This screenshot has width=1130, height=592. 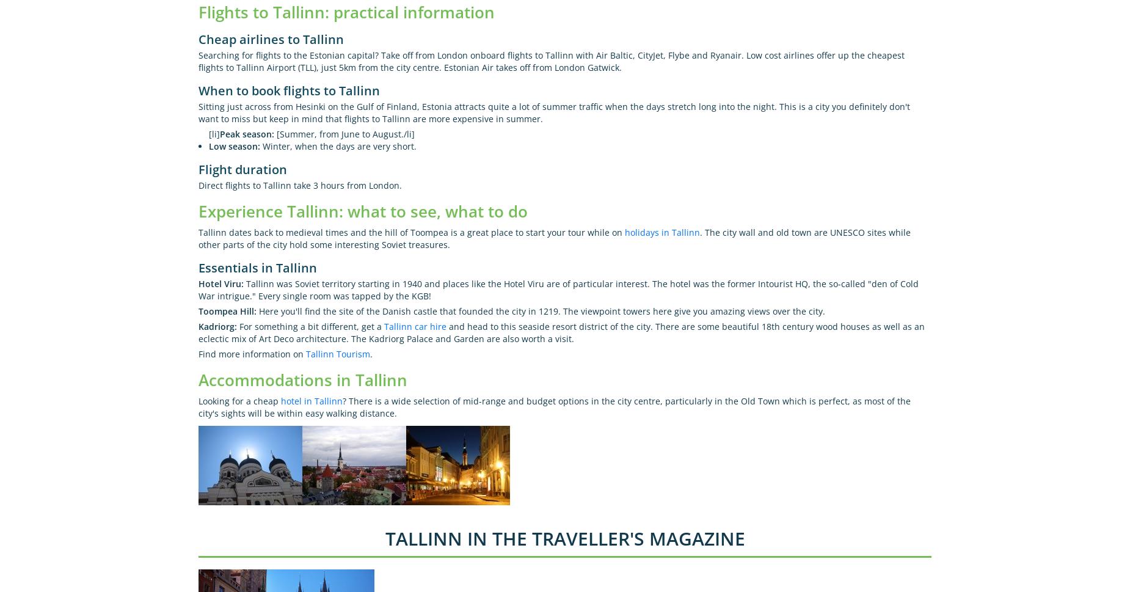 I want to click on 'Tallinn dates back to medieval times and the hill of Toompea is a great place to start your tour while on', so click(x=411, y=232).